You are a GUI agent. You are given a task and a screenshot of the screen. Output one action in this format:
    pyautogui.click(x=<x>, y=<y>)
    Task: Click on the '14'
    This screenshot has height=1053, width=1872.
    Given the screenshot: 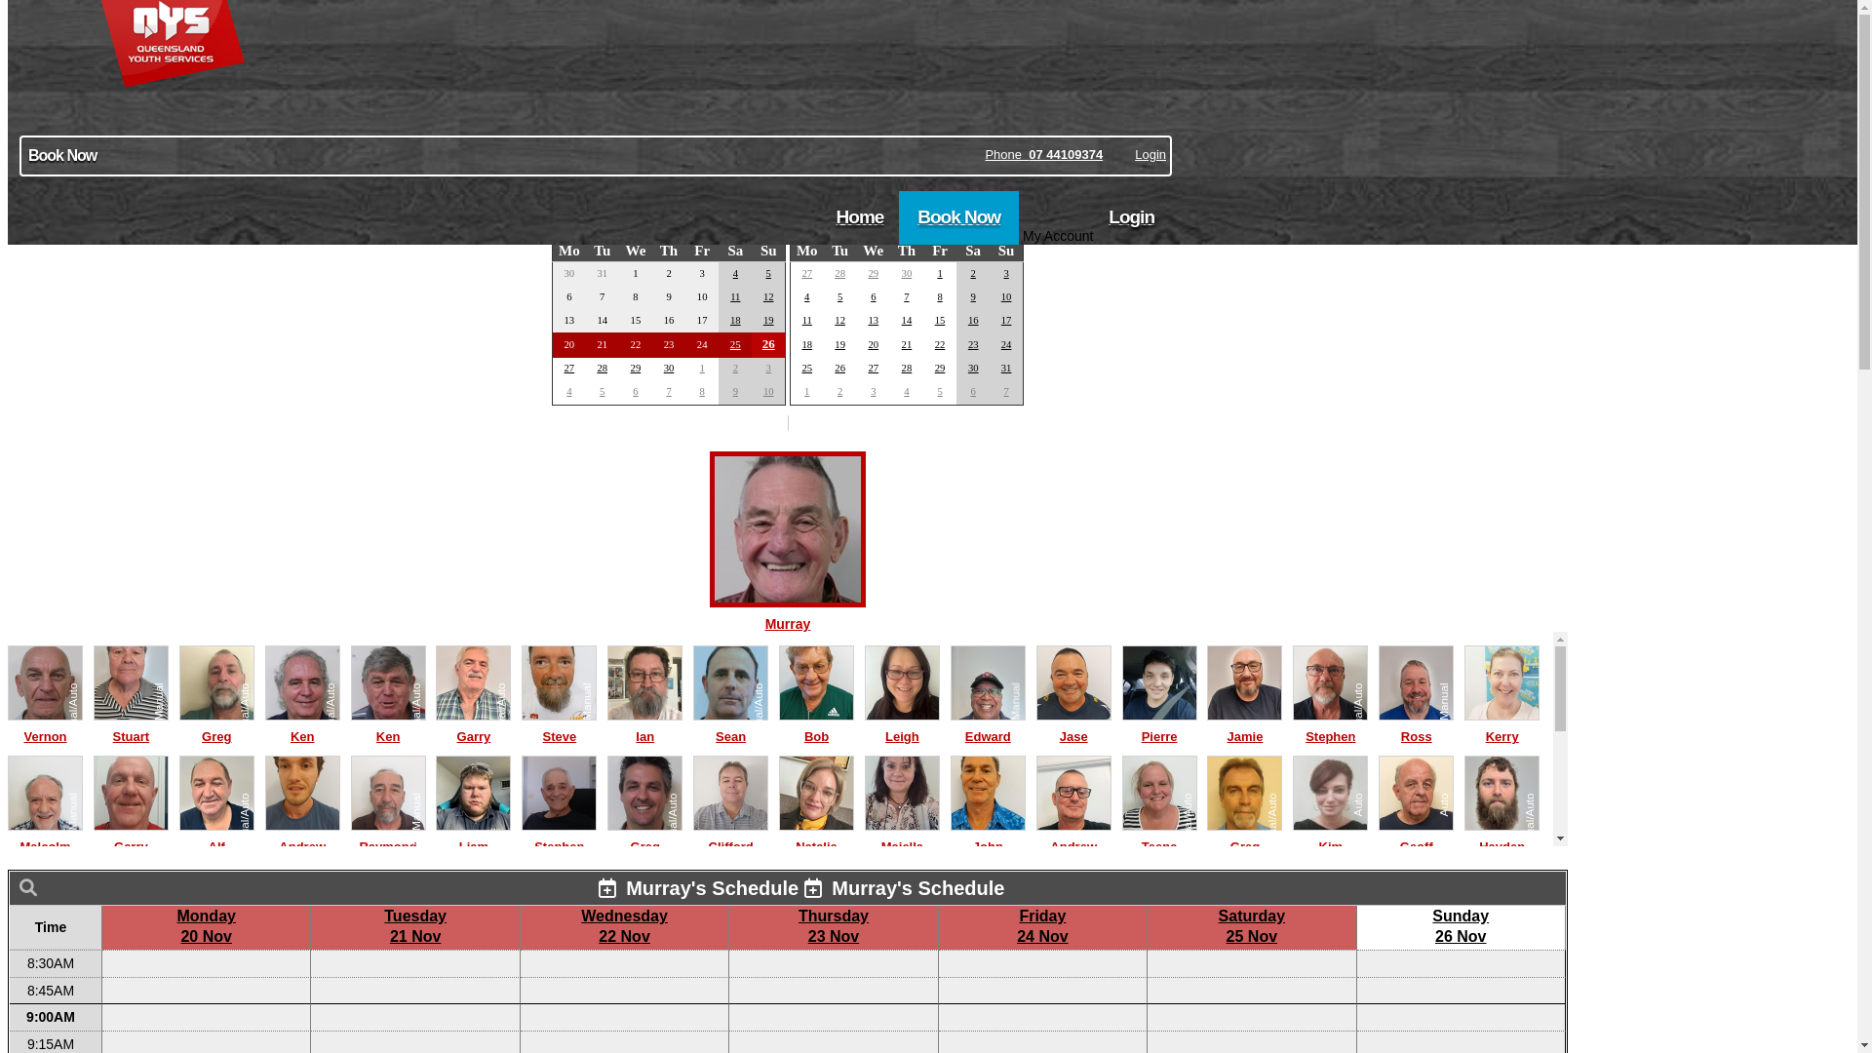 What is the action you would take?
    pyautogui.click(x=906, y=319)
    